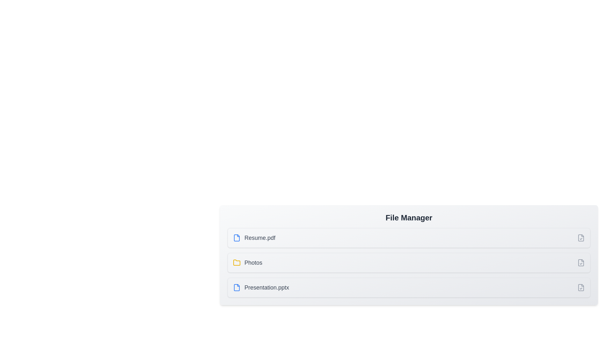 The height and width of the screenshot is (344, 612). Describe the element at coordinates (254, 238) in the screenshot. I see `the file or folder represented by Resume.pdf` at that location.